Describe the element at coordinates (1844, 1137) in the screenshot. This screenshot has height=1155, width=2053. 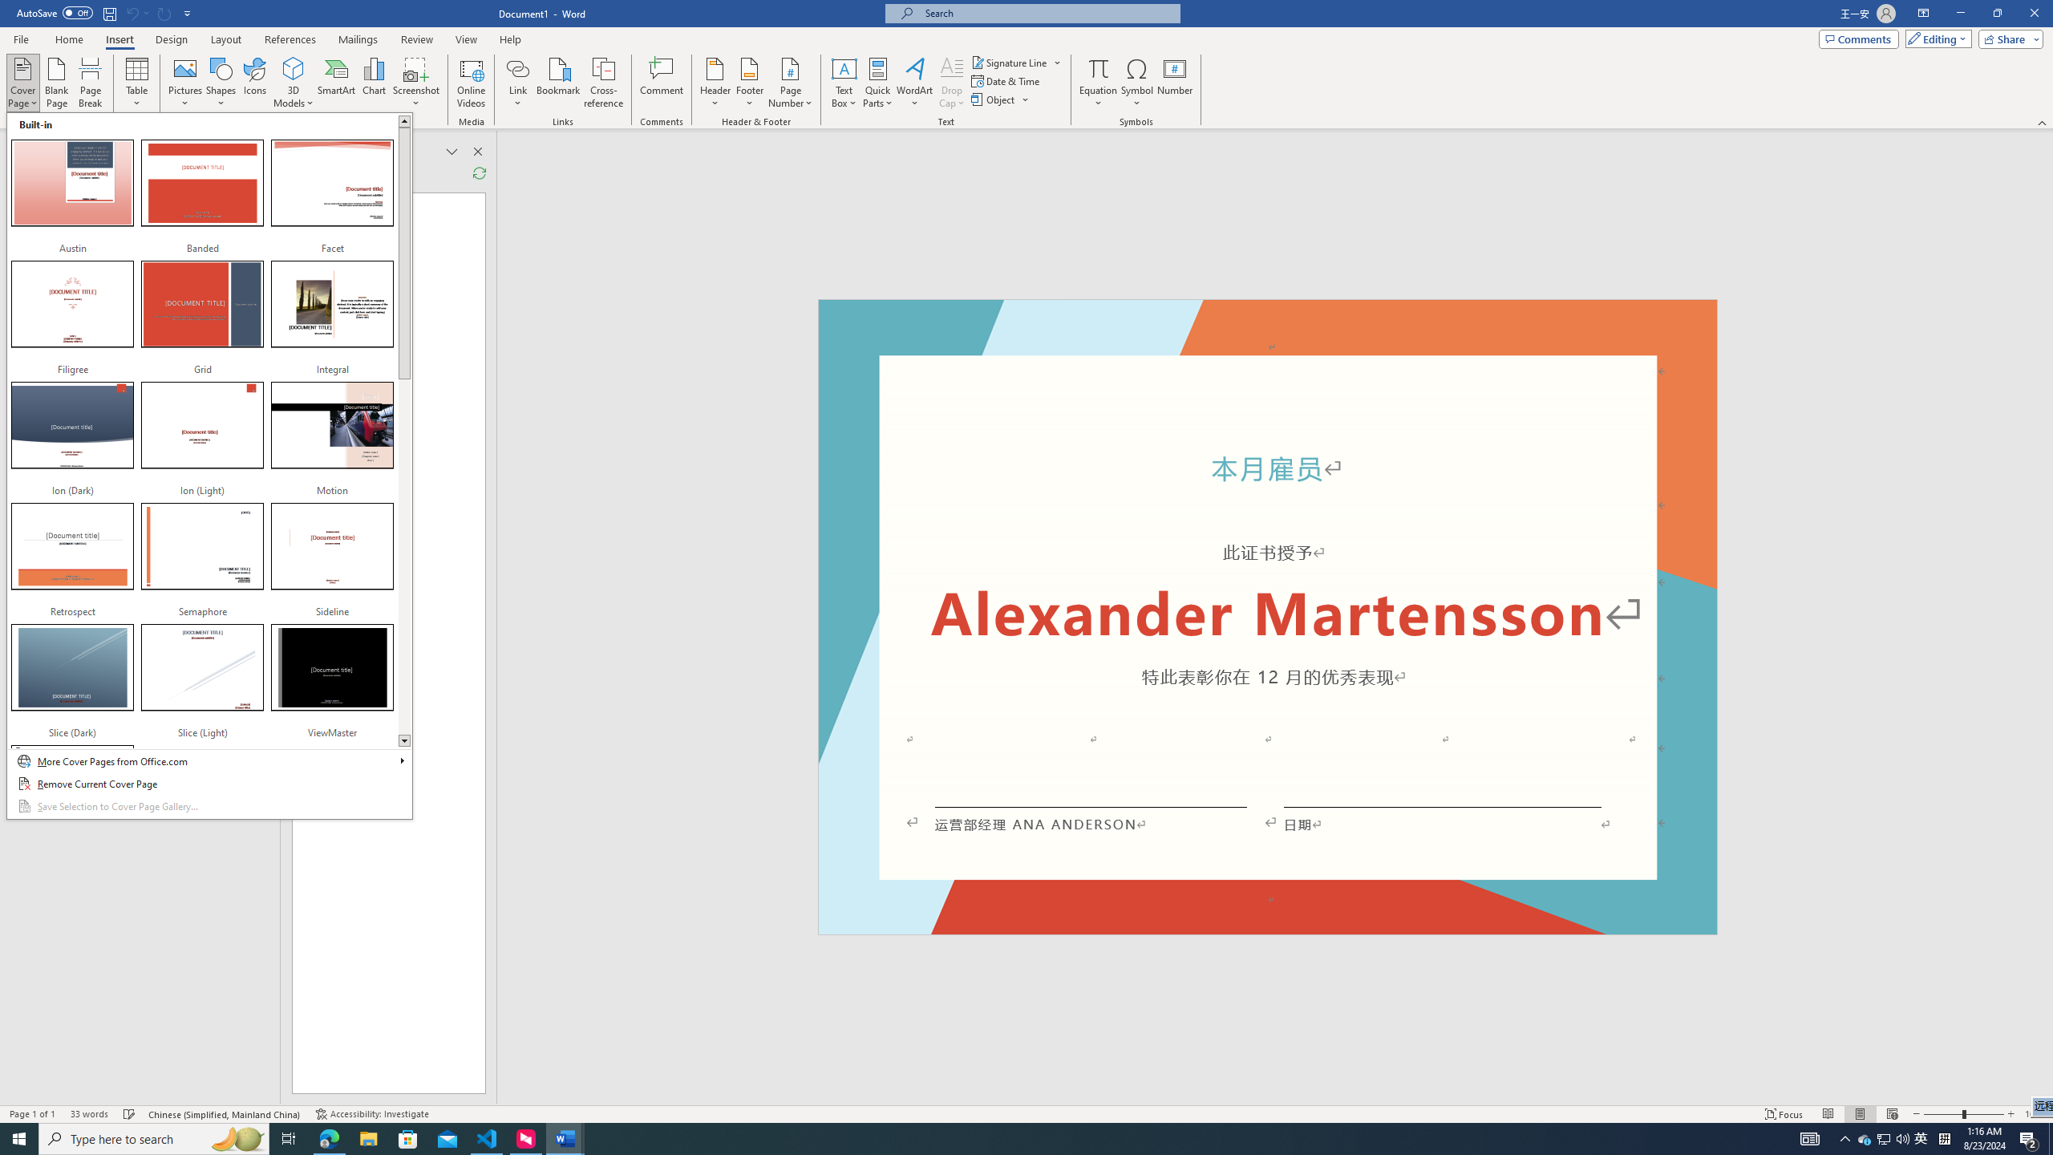
I see `'Notification Chevron'` at that location.